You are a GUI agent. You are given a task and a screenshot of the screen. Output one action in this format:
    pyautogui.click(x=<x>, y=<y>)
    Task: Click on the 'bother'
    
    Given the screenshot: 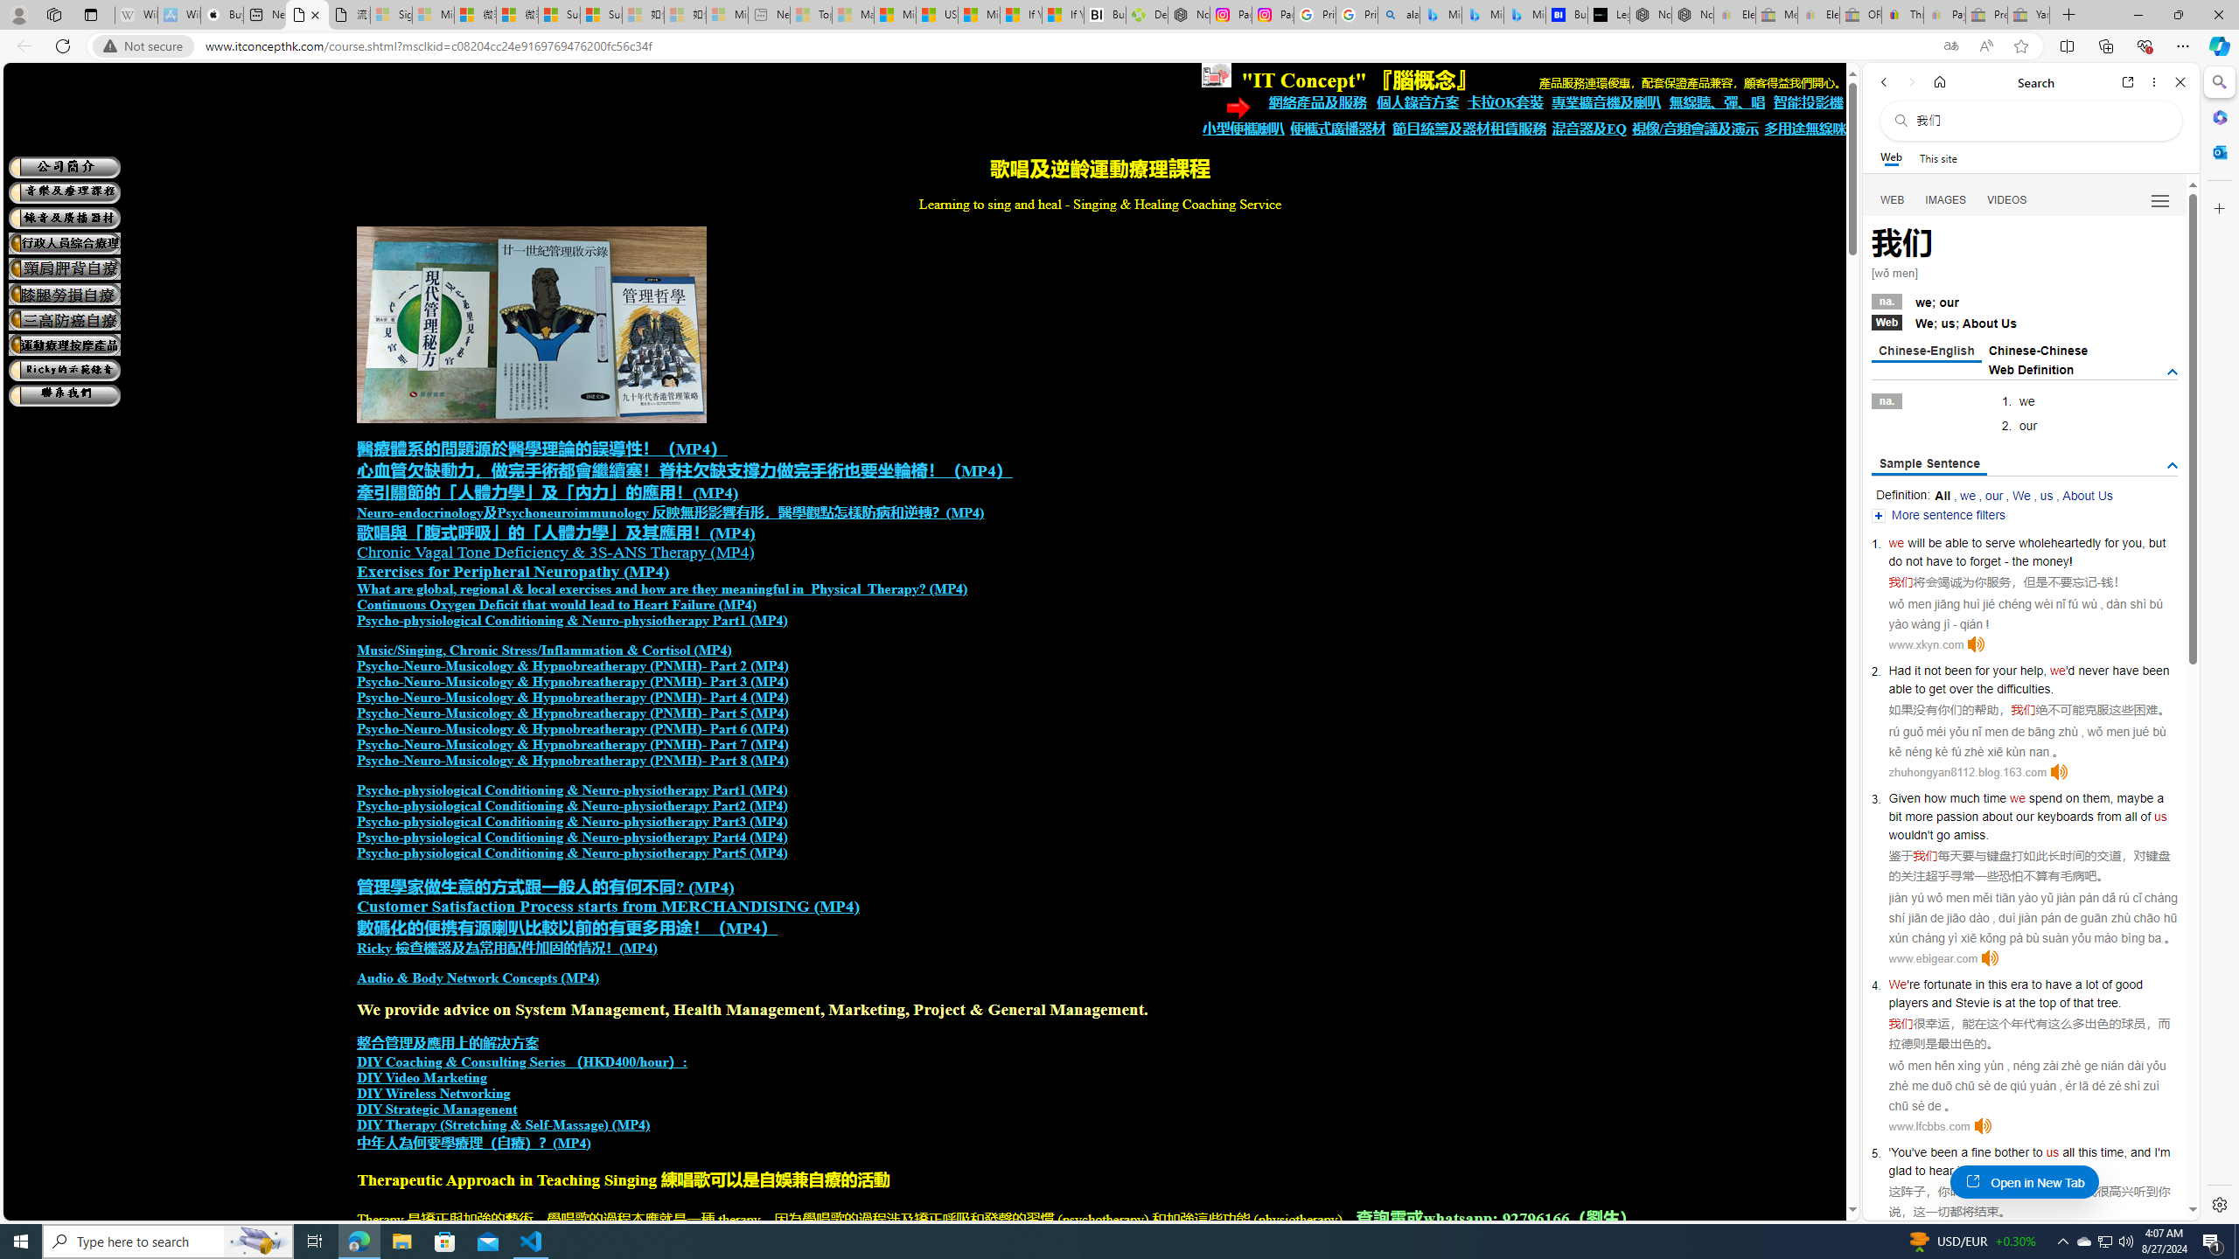 What is the action you would take?
    pyautogui.click(x=2012, y=1151)
    